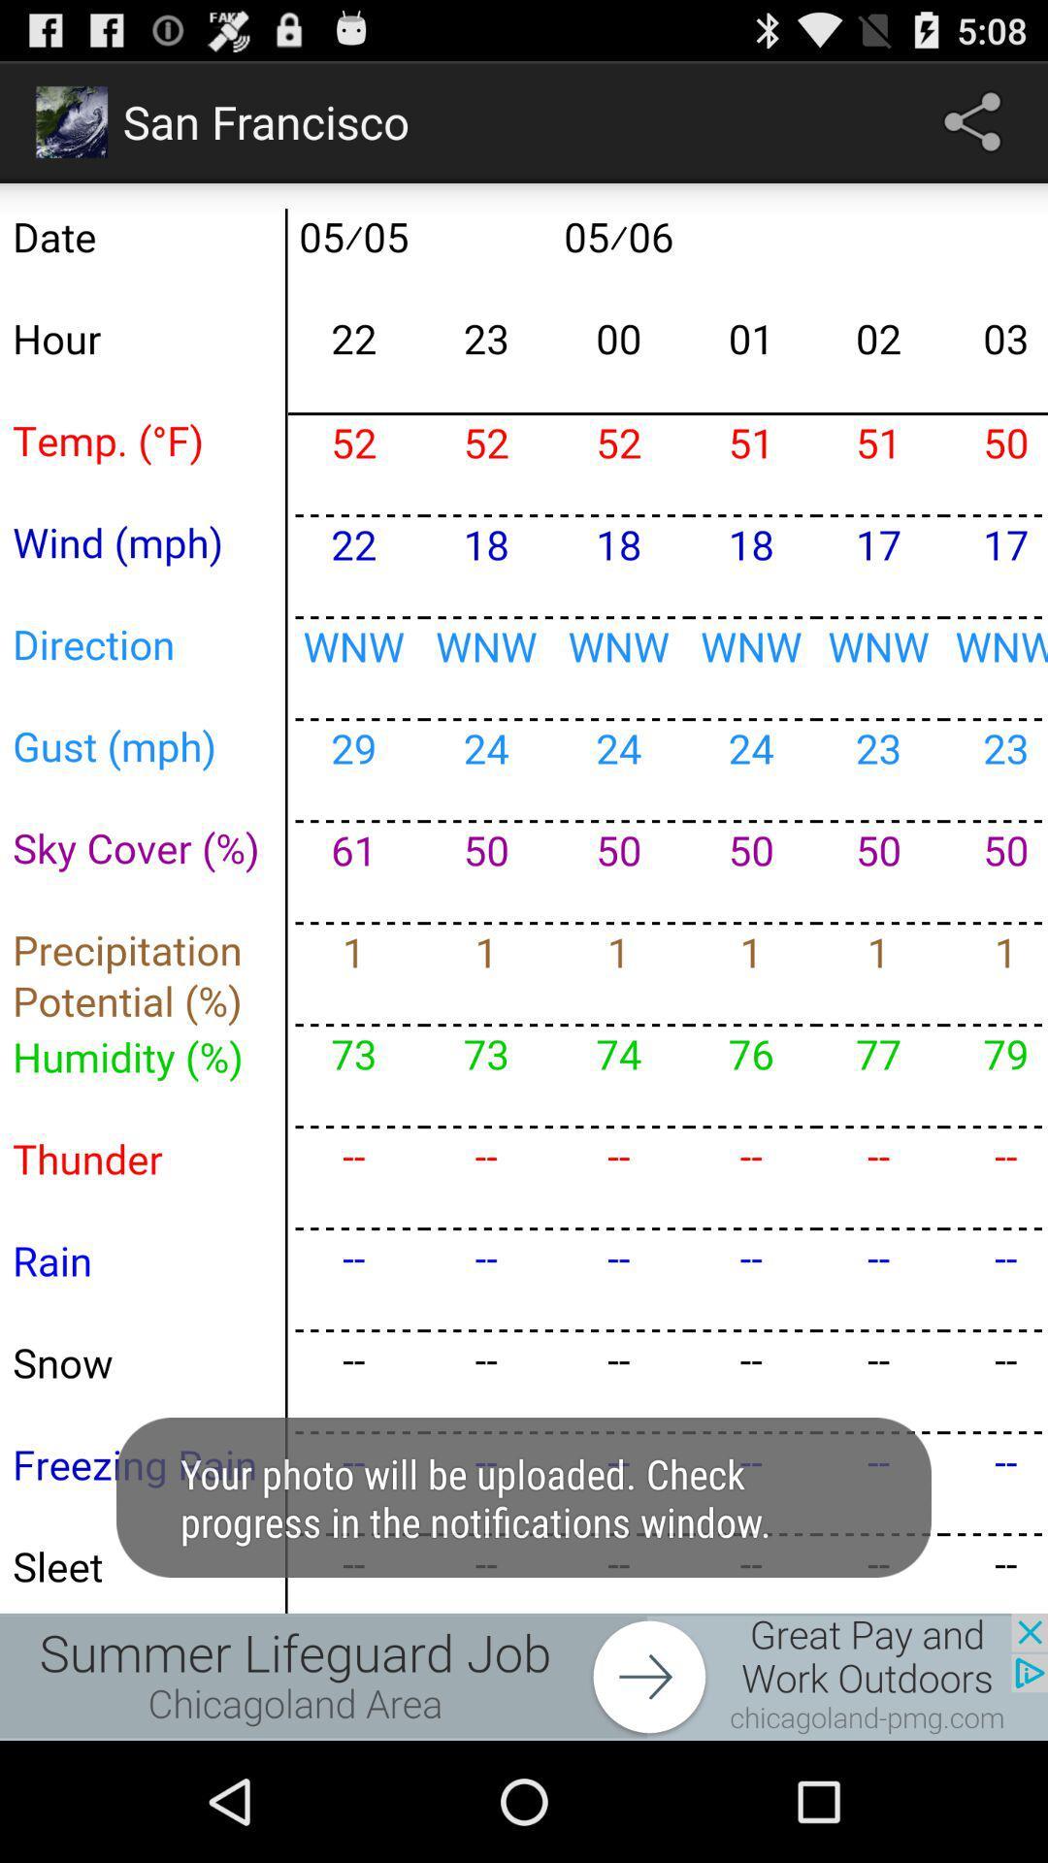 This screenshot has height=1863, width=1048. What do you see at coordinates (524, 897) in the screenshot?
I see `date and time app` at bounding box center [524, 897].